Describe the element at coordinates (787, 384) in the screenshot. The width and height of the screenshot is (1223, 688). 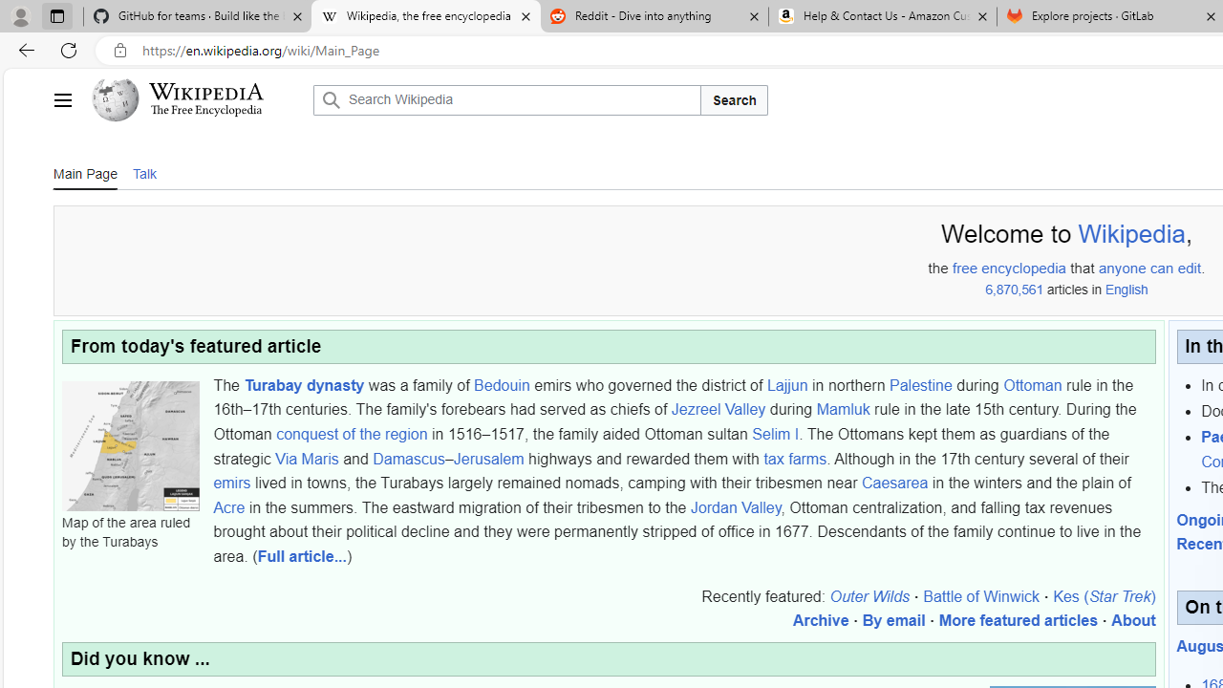
I see `'Lajjun'` at that location.